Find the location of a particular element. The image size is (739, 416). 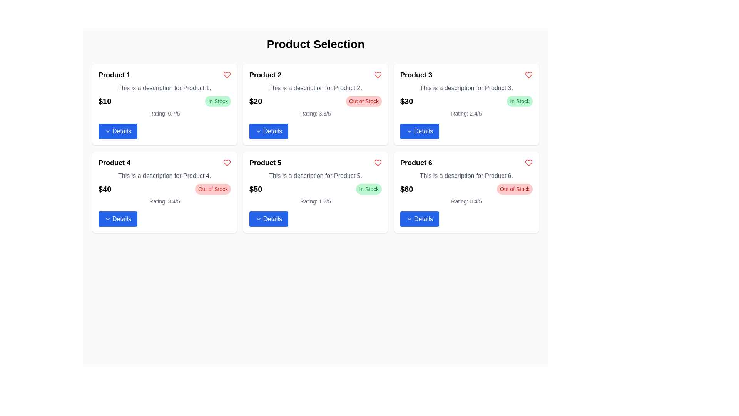

the text label providing additional information for Product 1, which is positioned below the title 'Product 1' and above the price and stock status information is located at coordinates (164, 87).